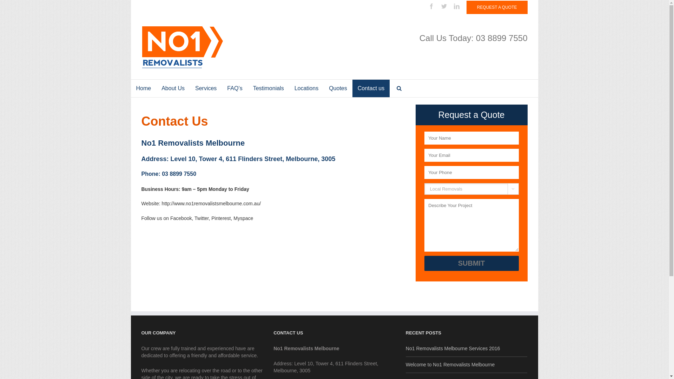 This screenshot has height=379, width=674. I want to click on 'Services', so click(205, 88).